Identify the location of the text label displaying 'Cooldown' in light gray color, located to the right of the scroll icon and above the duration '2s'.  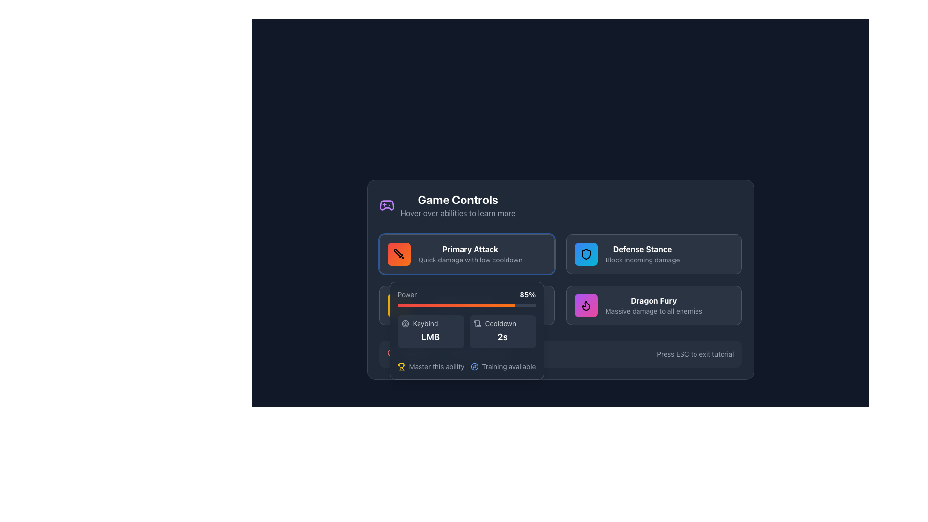
(501, 324).